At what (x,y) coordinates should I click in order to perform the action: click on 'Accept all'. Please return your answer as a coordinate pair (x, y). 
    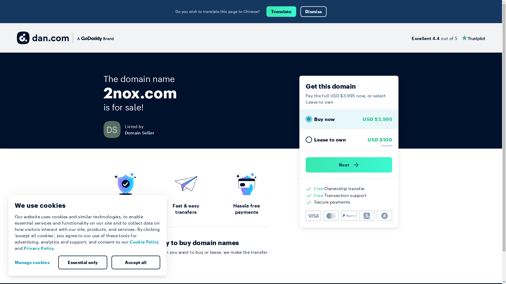
    Looking at the image, I should click on (111, 262).